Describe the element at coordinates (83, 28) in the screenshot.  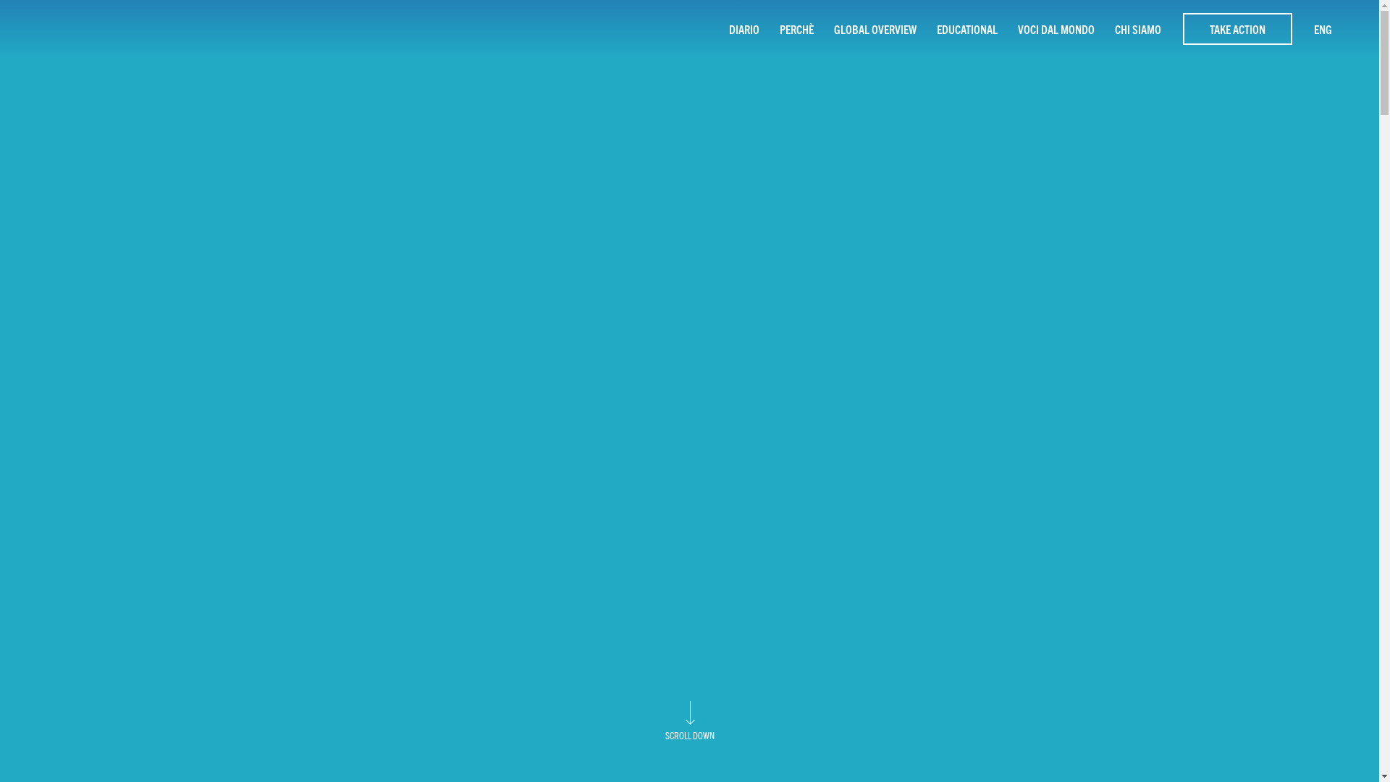
I see `'homepage - 10 Rivers 1 Ocean'` at that location.